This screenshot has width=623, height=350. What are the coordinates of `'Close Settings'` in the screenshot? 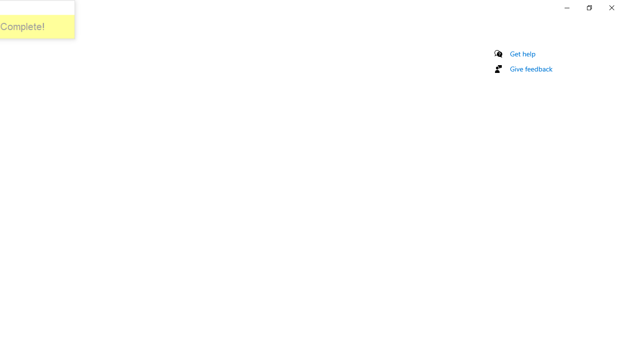 It's located at (611, 7).